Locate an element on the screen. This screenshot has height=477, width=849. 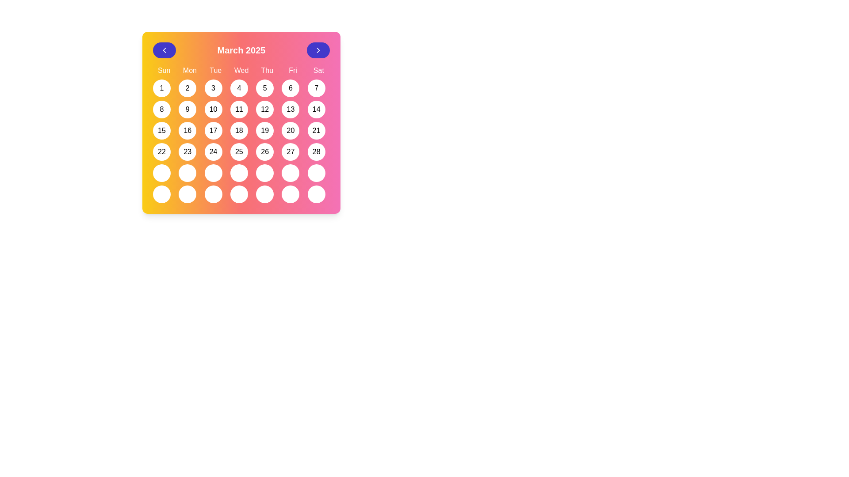
the circular button icon located at the top-left corner of the calendar interface is located at coordinates (164, 50).